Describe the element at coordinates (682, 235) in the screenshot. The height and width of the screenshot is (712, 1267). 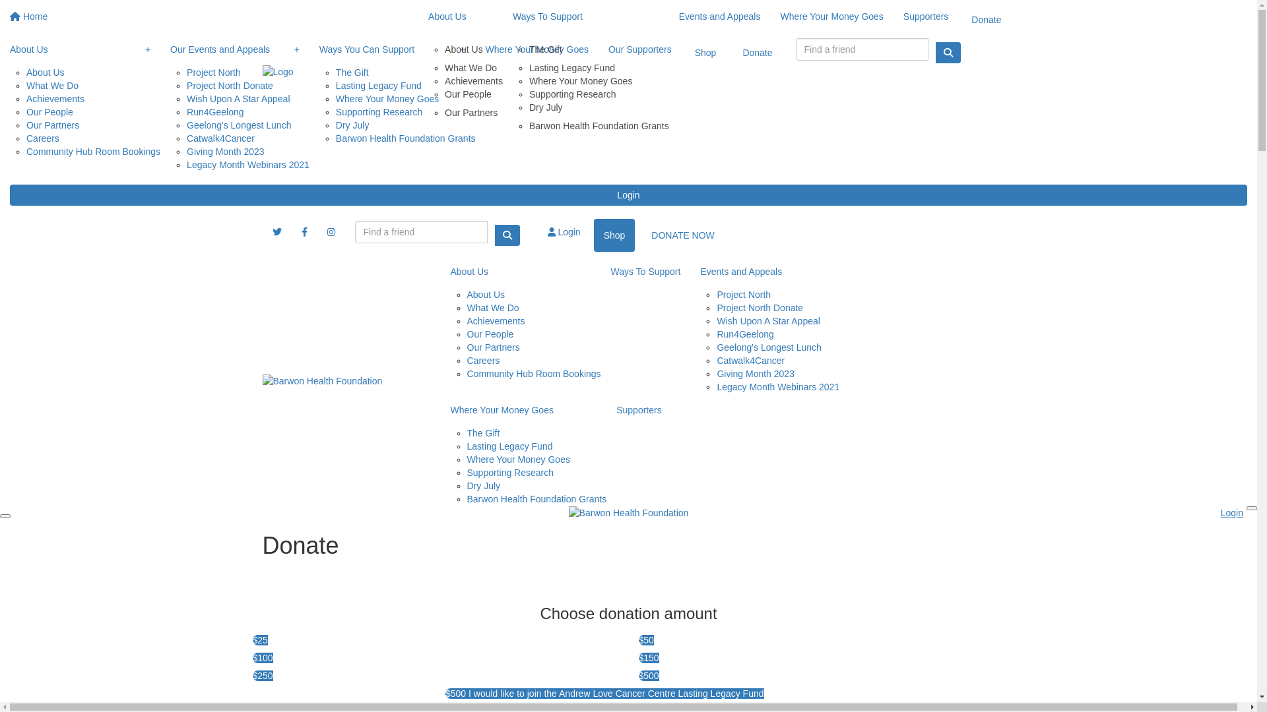
I see `'DONATE NOW'` at that location.